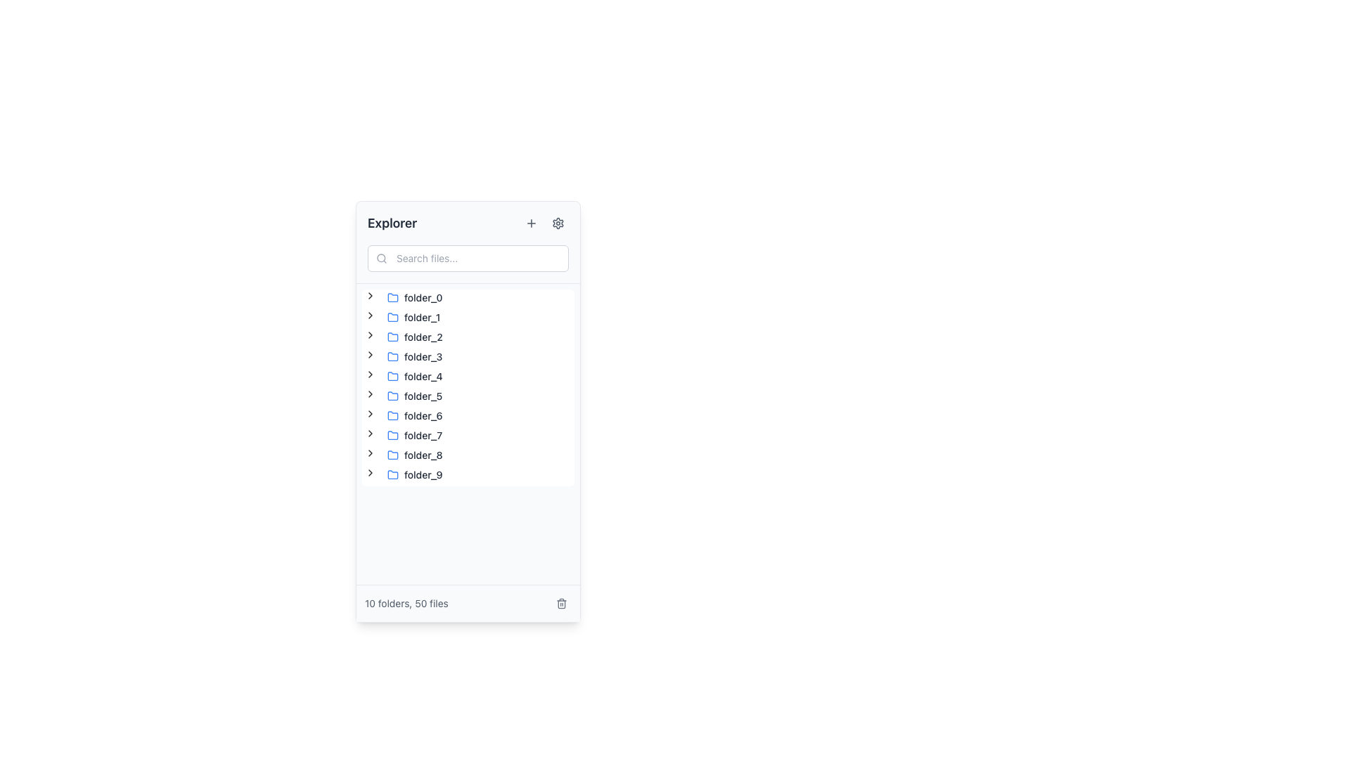  I want to click on label text displaying 'folder_7' located in the middle section of the navigation panel labeled 'Explorer', positioned next to a small blue folder icon, so click(423, 435).